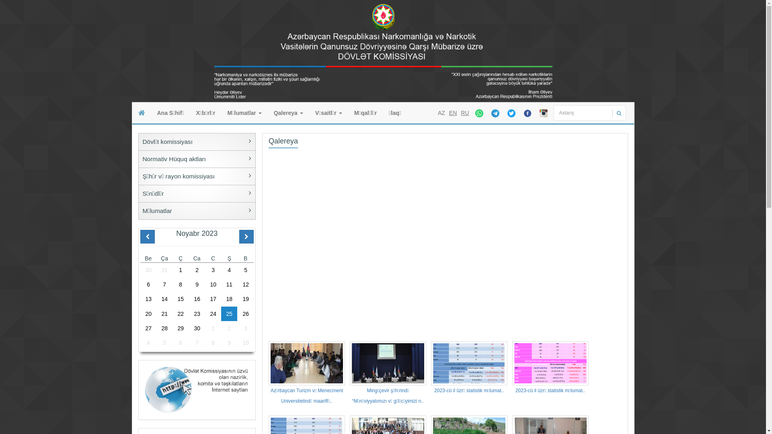 This screenshot has height=434, width=772. What do you see at coordinates (213, 299) in the screenshot?
I see `'17'` at bounding box center [213, 299].